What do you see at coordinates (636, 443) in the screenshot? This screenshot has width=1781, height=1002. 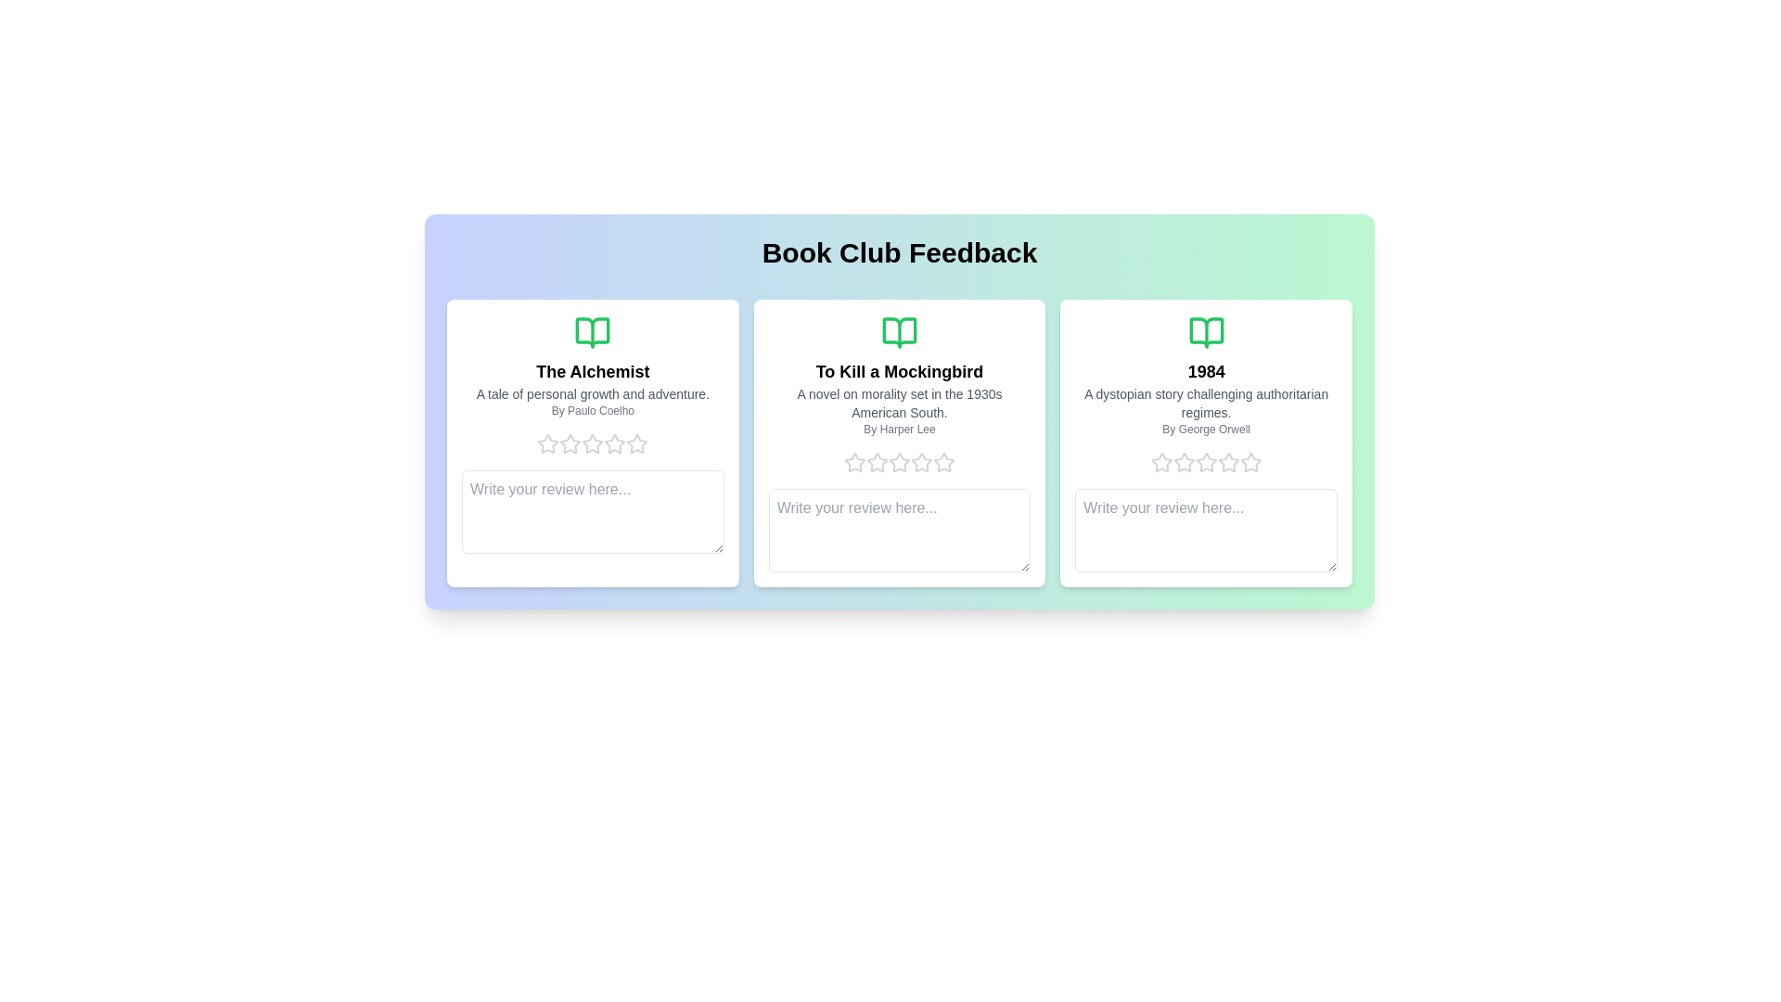 I see `the fifth star icon in the rating system for the book 'The Alchemist' to set a five-star rating` at bounding box center [636, 443].